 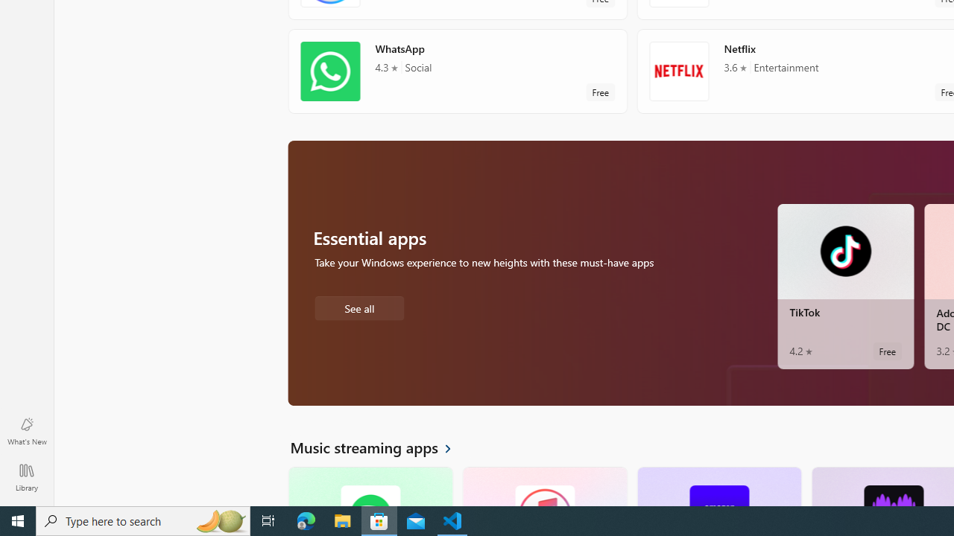 What do you see at coordinates (845, 286) in the screenshot?
I see `'TikTok. Average rating of 4.2 out of five stars. Free  '` at bounding box center [845, 286].